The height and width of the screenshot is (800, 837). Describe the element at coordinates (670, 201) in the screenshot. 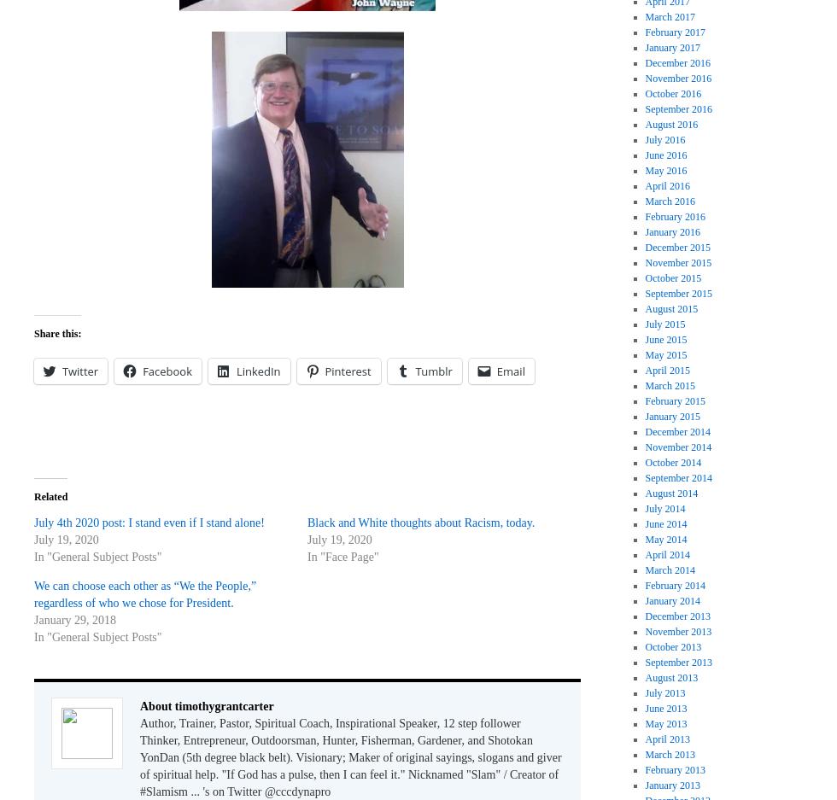

I see `'March 2016'` at that location.